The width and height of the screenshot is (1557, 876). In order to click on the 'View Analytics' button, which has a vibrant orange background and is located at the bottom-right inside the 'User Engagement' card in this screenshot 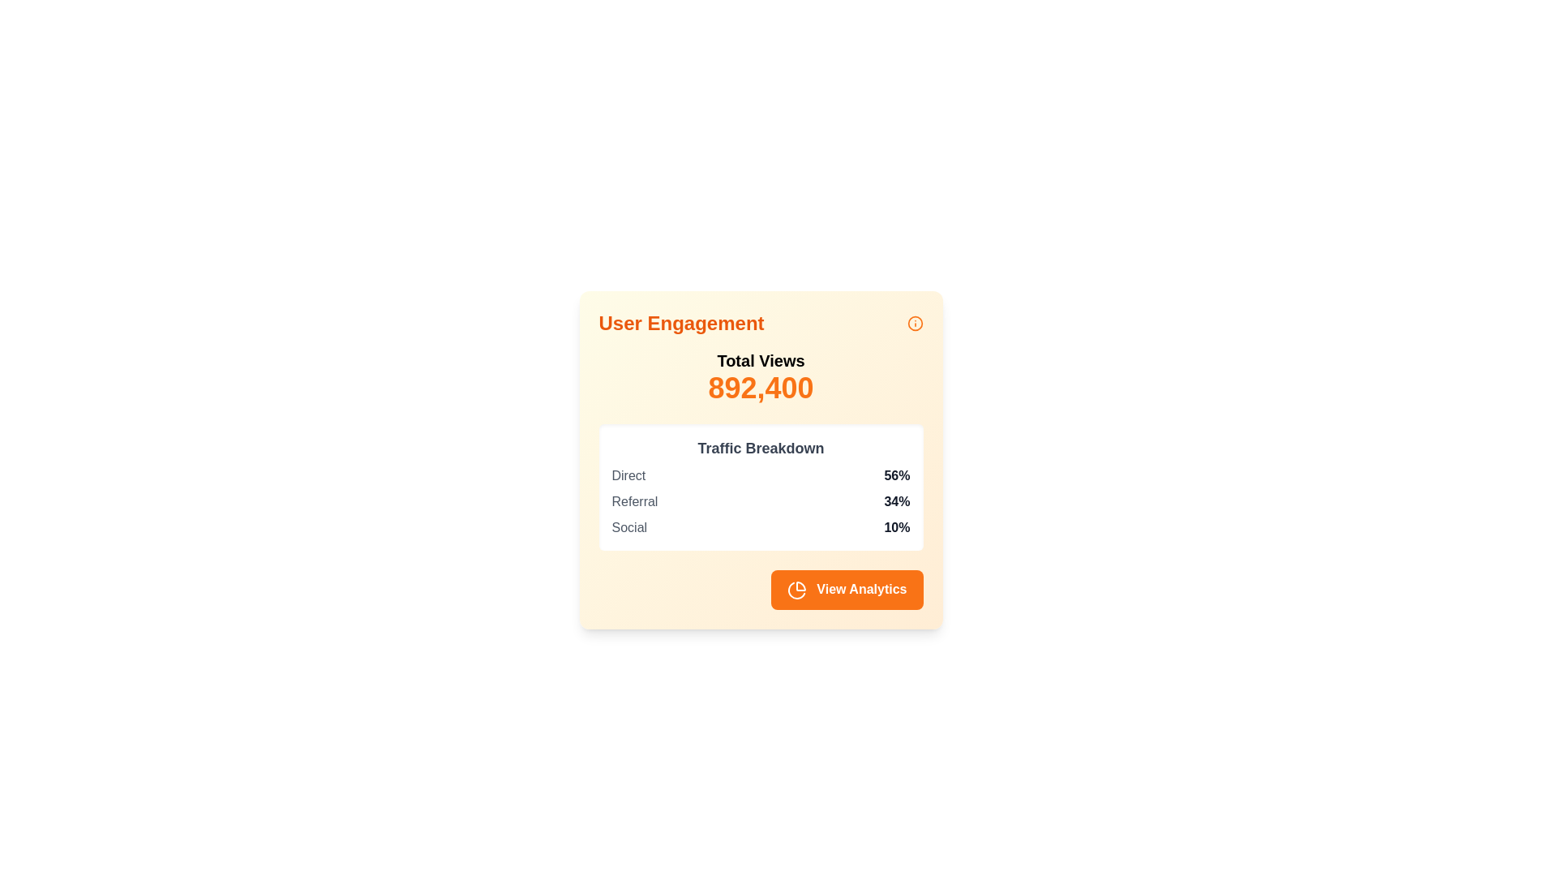, I will do `click(846, 590)`.